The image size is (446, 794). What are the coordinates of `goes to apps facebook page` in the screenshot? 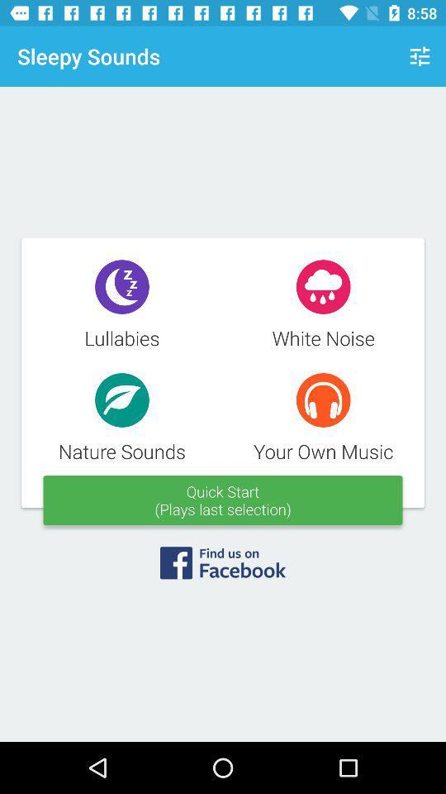 It's located at (223, 568).